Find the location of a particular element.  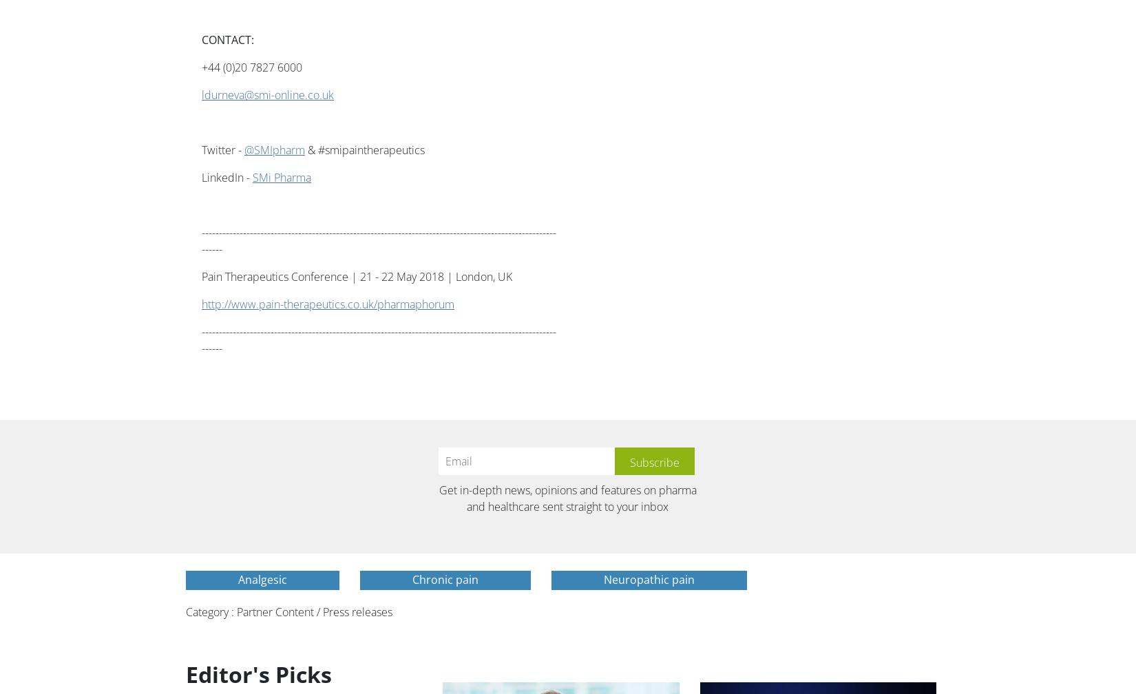

'Analgesic' is located at coordinates (238, 579).